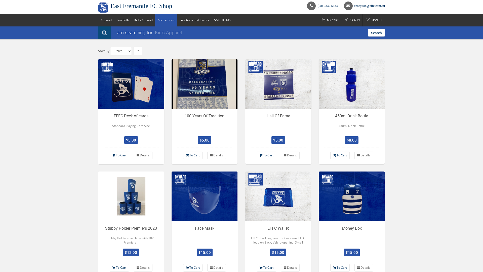 The image size is (483, 272). I want to click on 'Money Box', so click(351, 196).